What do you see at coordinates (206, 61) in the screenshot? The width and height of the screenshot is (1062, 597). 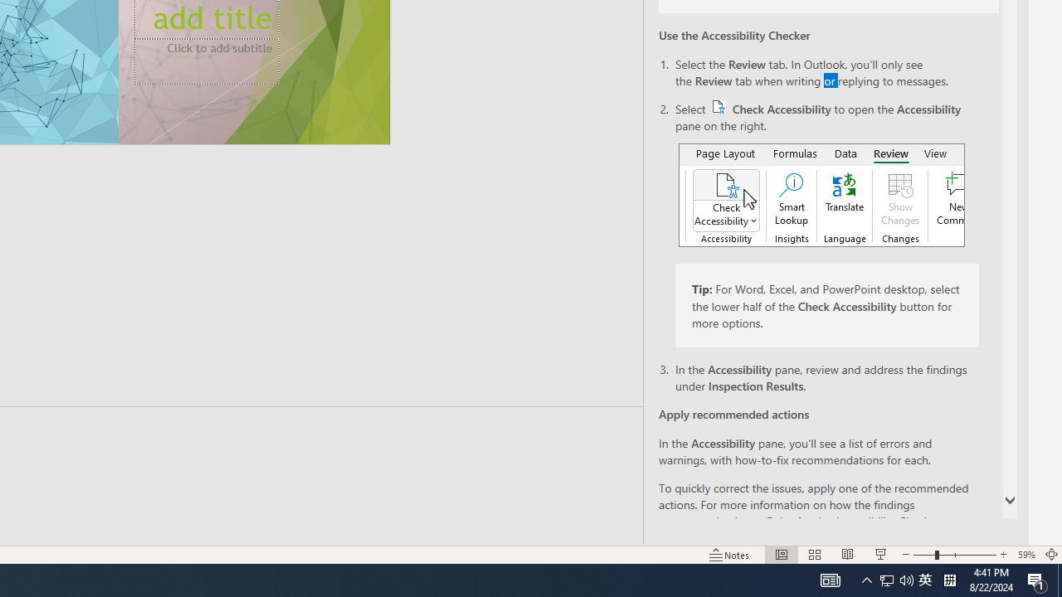 I see `'Subtitle TextBox'` at bounding box center [206, 61].